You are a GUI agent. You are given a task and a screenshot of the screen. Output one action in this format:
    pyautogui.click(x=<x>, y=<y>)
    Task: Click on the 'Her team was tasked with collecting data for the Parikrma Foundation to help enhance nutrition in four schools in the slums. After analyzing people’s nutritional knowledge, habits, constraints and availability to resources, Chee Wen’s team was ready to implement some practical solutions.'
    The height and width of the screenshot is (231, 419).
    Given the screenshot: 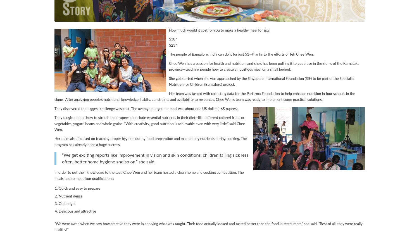 What is the action you would take?
    pyautogui.click(x=54, y=97)
    